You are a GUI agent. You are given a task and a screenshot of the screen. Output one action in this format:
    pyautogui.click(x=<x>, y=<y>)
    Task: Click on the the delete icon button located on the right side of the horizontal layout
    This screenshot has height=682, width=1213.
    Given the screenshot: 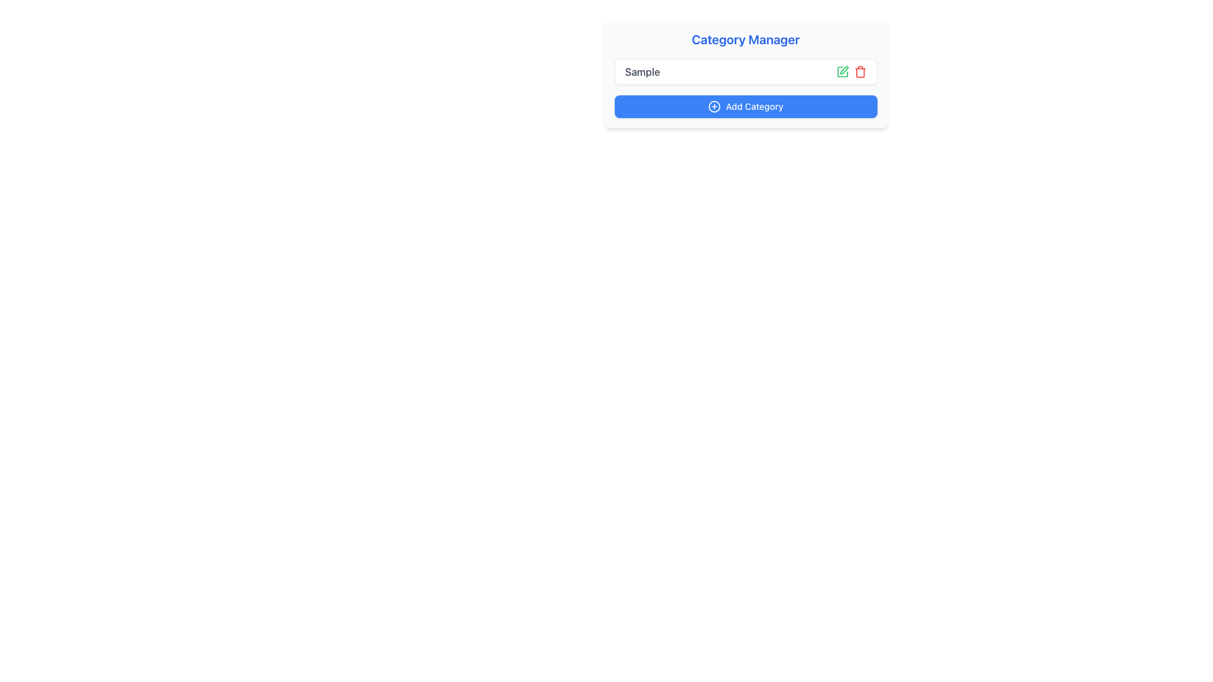 What is the action you would take?
    pyautogui.click(x=859, y=72)
    